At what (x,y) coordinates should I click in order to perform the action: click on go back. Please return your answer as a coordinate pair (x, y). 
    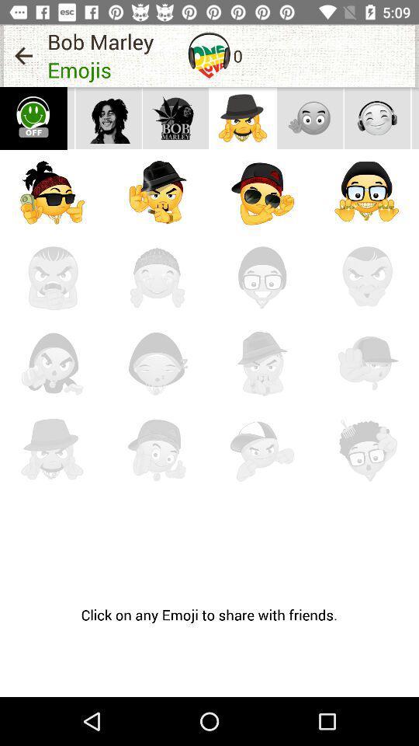
    Looking at the image, I should click on (23, 55).